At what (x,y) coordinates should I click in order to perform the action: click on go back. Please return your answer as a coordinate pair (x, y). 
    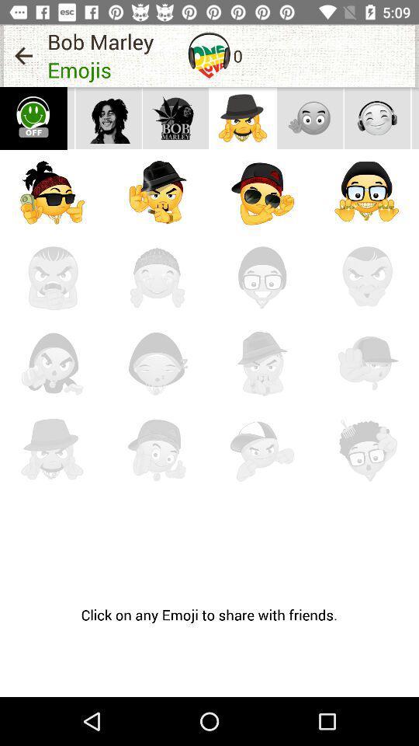
    Looking at the image, I should click on (23, 55).